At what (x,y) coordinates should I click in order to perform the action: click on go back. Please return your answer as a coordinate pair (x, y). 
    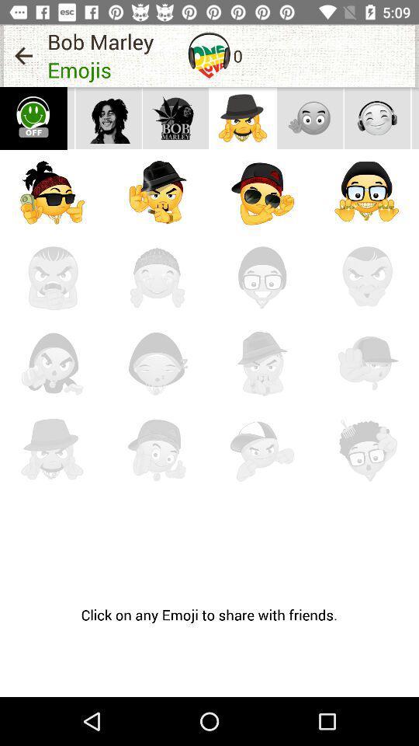
    Looking at the image, I should click on (23, 55).